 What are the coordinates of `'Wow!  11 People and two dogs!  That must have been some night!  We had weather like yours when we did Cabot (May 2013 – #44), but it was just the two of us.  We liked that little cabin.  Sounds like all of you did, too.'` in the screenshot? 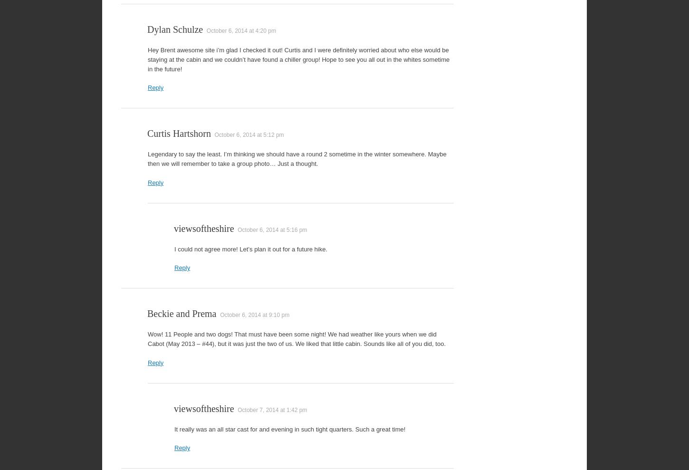 It's located at (296, 338).